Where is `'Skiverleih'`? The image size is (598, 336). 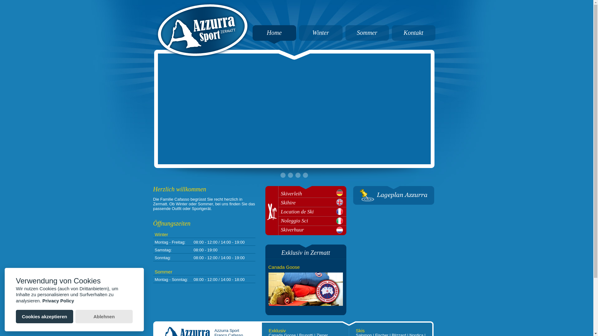 'Skiverleih' is located at coordinates (314, 193).